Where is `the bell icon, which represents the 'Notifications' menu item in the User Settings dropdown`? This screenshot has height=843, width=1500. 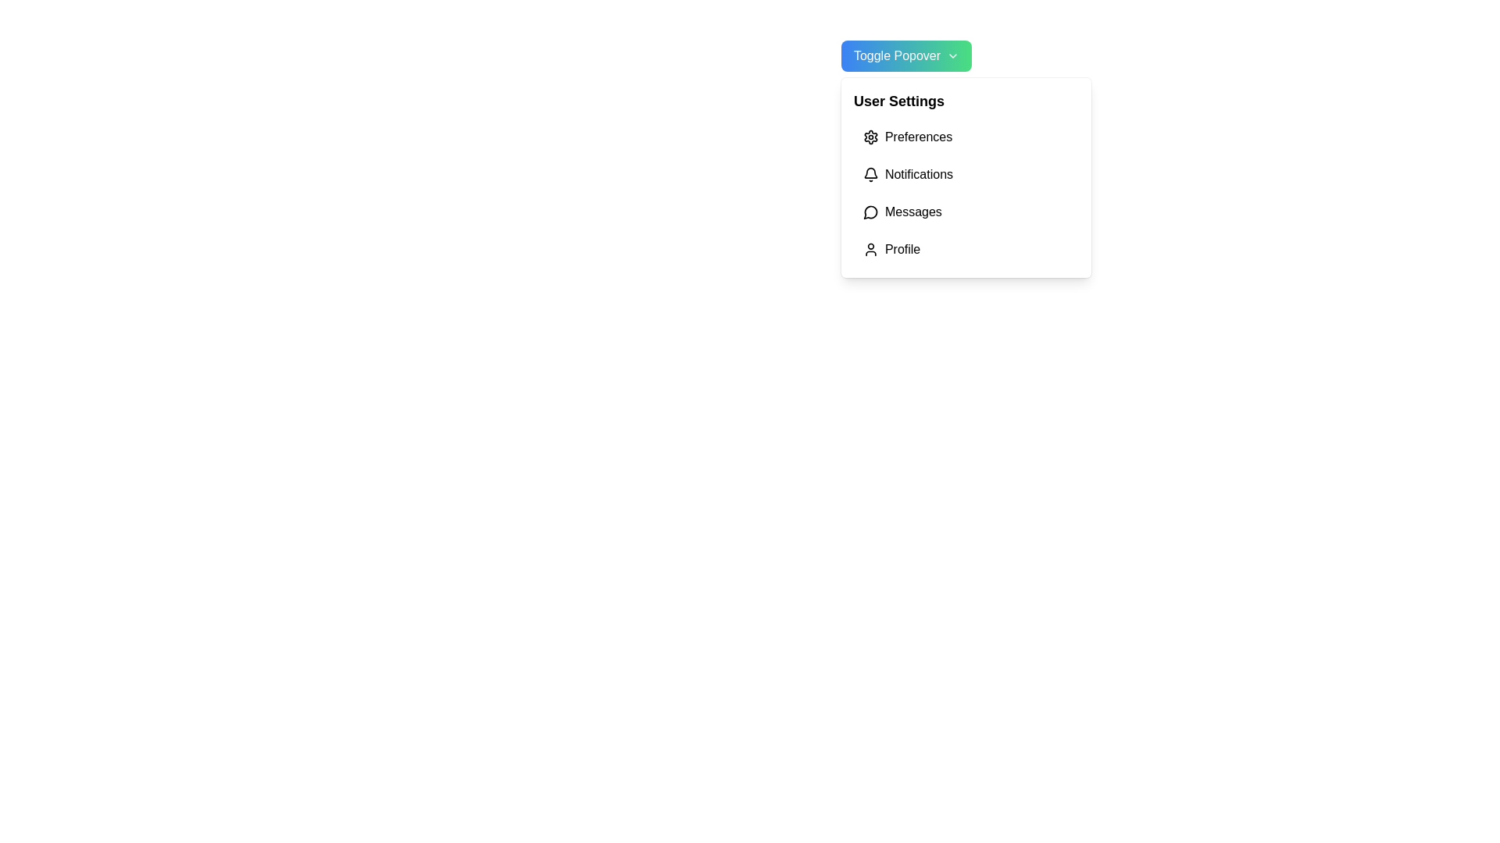
the bell icon, which represents the 'Notifications' menu item in the User Settings dropdown is located at coordinates (870, 174).